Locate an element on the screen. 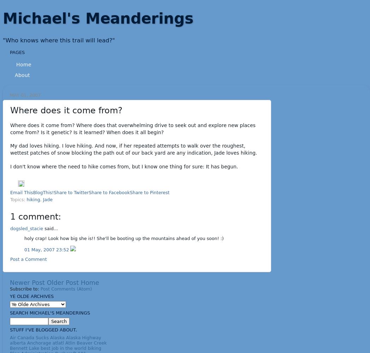  'Stuff I've blogged about.' is located at coordinates (43, 330).